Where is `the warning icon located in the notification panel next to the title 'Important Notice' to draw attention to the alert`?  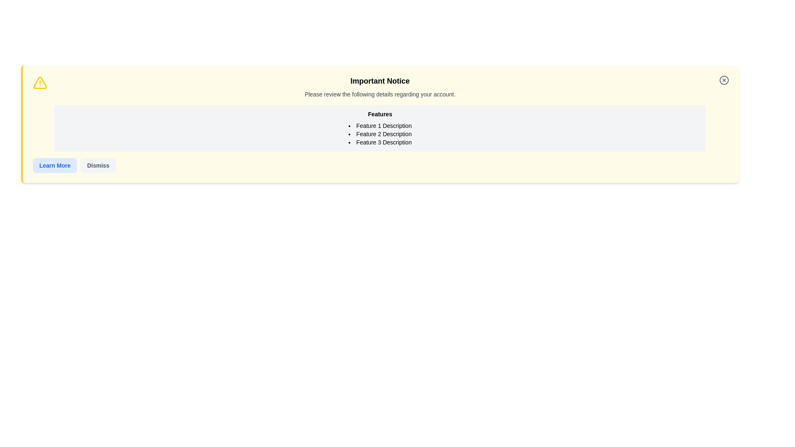
the warning icon located in the notification panel next to the title 'Important Notice' to draw attention to the alert is located at coordinates (39, 83).